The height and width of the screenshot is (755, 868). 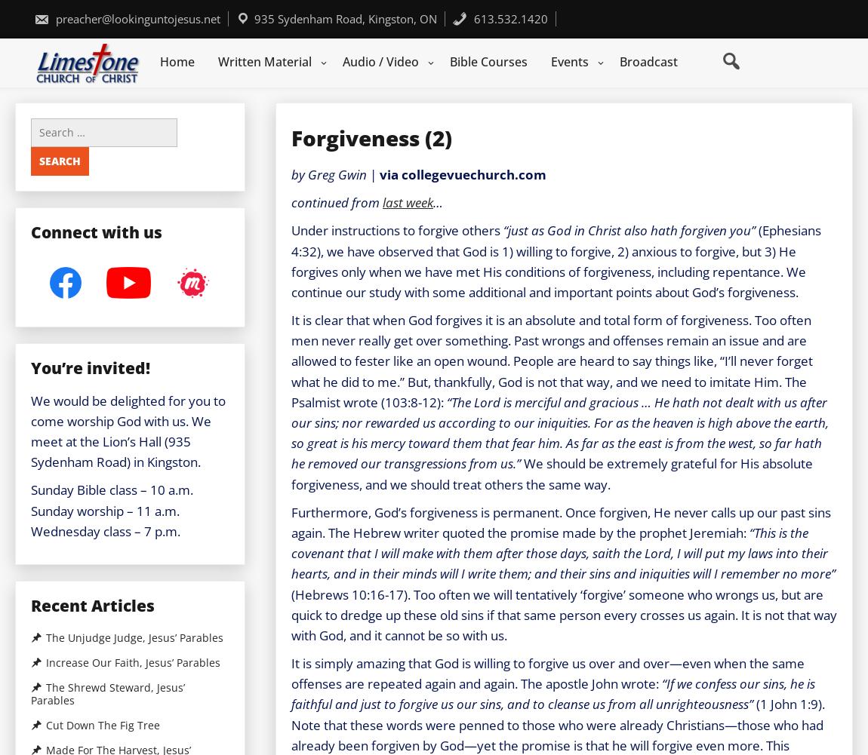 I want to click on '(Ephesians 4:32), we have observed that God is 1) willing to forgive, 2) anxious to forgive, but 3) He forgives only when we have met His conditions of forgiveness, including repentance. We continue our study with some additional and important points about God’s forgiveness.', so click(x=556, y=261).